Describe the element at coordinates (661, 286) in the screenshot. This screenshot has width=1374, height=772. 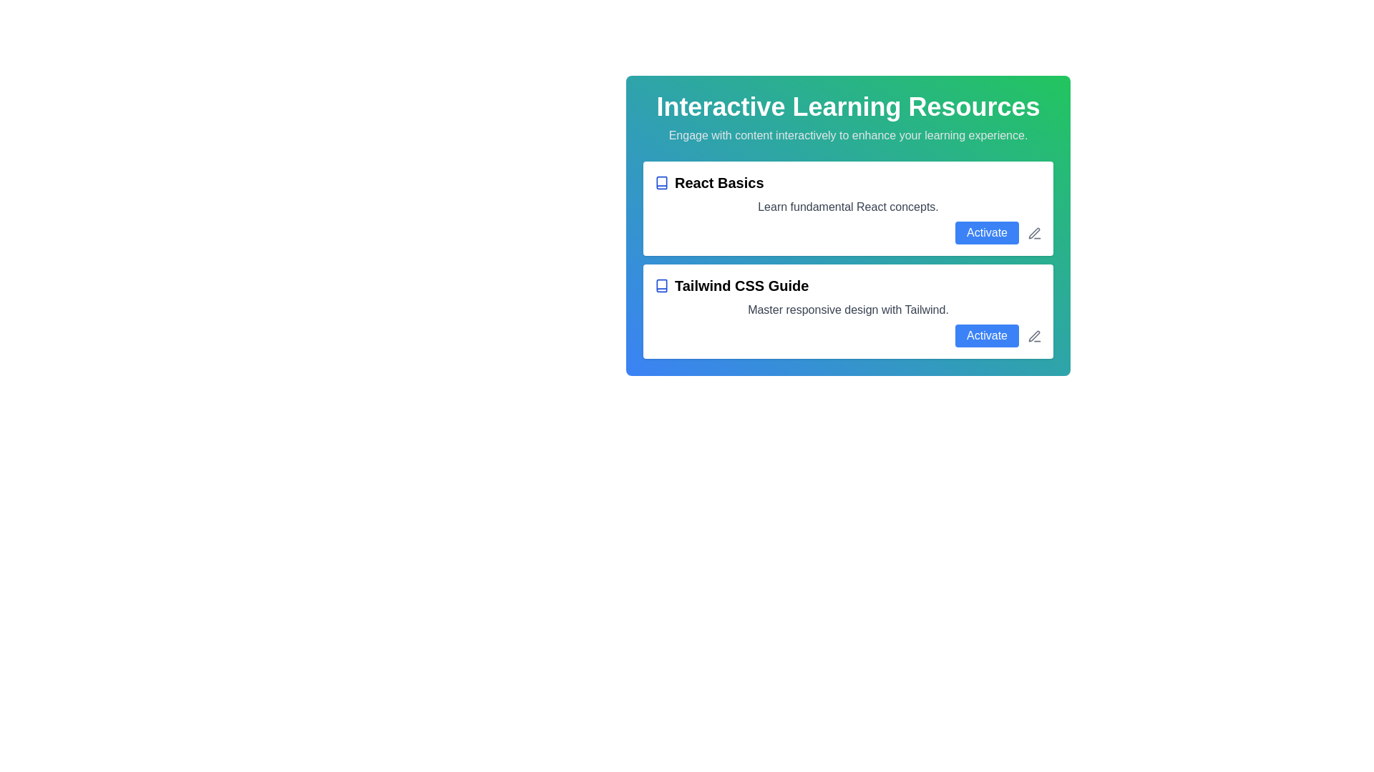
I see `the resource icon that represents the 'Tailwind CSS Guide', located in the second row to the left of the resource title` at that location.